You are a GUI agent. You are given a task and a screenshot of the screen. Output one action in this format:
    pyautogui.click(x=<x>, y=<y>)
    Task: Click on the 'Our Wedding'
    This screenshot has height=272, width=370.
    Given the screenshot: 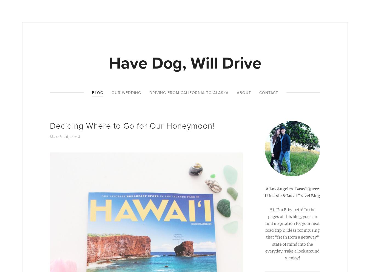 What is the action you would take?
    pyautogui.click(x=126, y=92)
    